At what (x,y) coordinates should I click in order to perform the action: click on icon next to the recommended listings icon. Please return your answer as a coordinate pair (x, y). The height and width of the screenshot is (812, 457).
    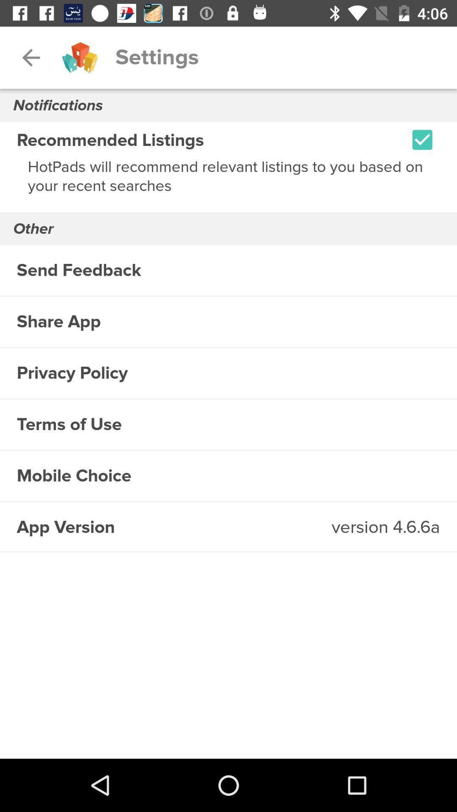
    Looking at the image, I should click on (422, 140).